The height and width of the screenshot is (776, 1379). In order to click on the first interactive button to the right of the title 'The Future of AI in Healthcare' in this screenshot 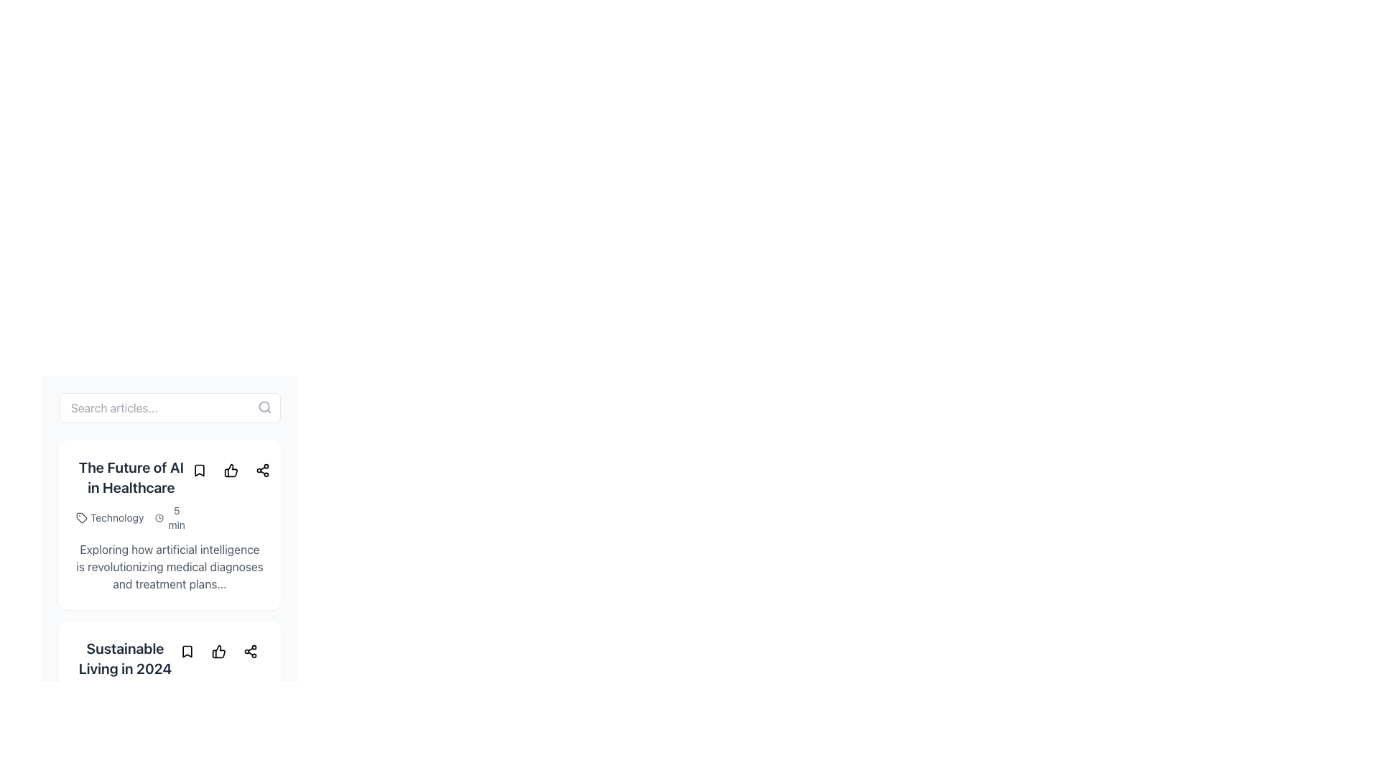, I will do `click(198, 471)`.